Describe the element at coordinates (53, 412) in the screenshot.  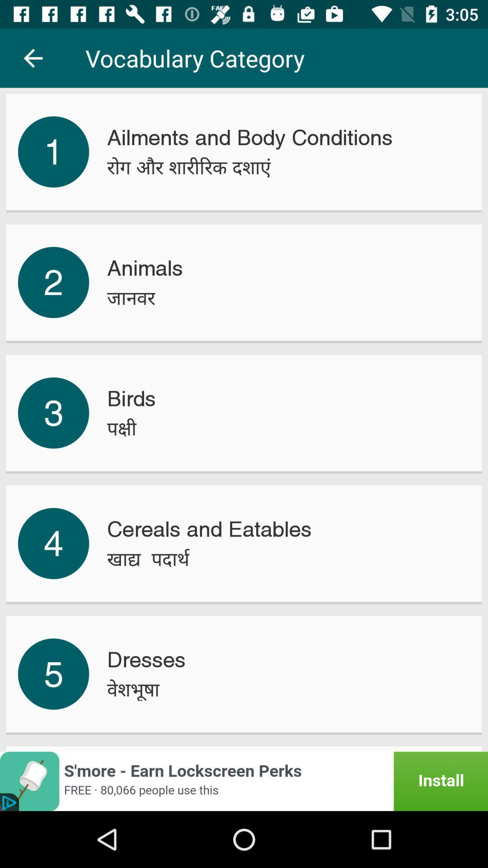
I see `the icon above 4` at that location.